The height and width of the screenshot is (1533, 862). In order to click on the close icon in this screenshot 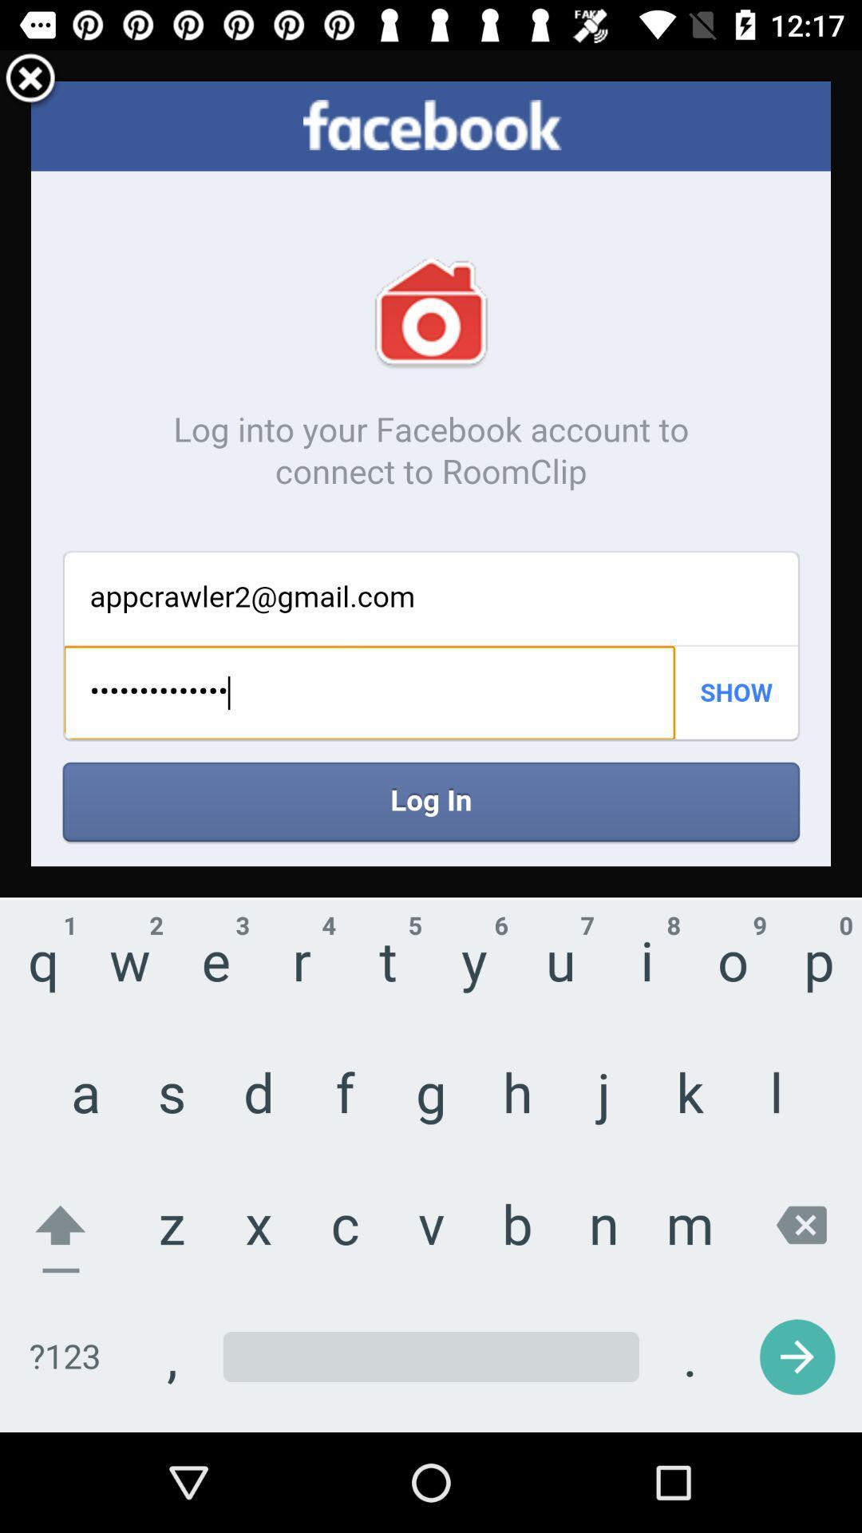, I will do `click(30, 85)`.